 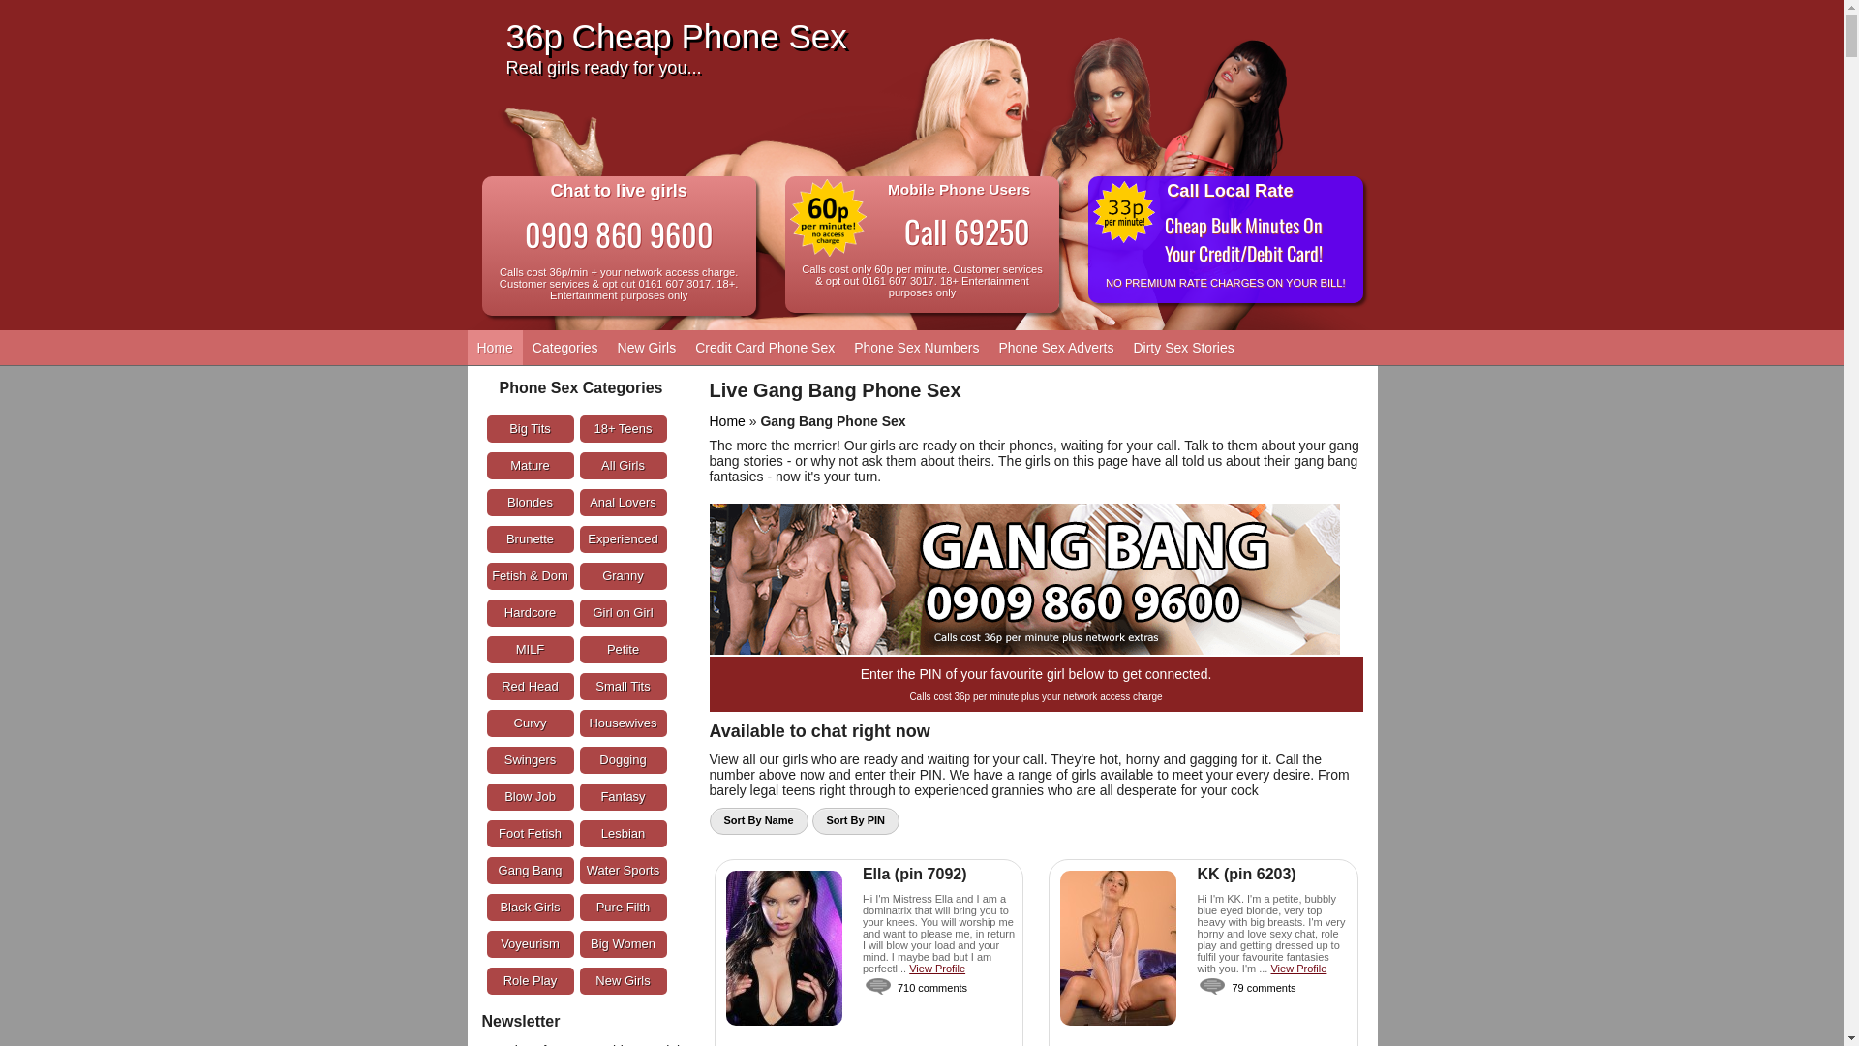 What do you see at coordinates (530, 612) in the screenshot?
I see `'Hardcore'` at bounding box center [530, 612].